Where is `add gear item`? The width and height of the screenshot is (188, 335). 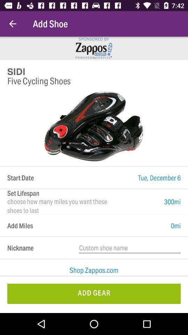 add gear item is located at coordinates (94, 293).